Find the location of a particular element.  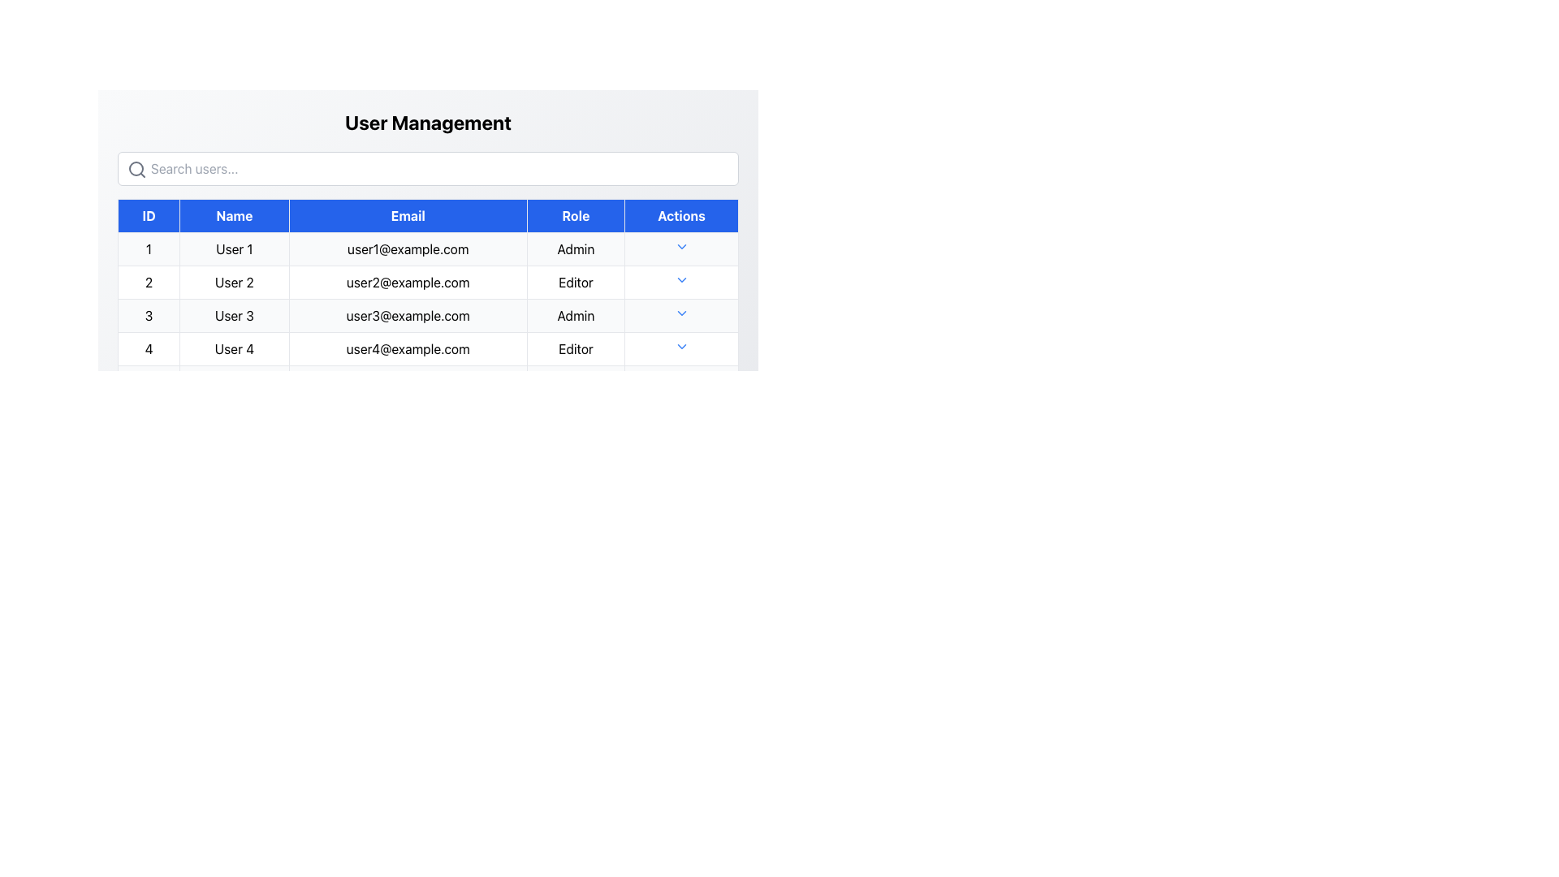

the email address in the first row of the User Management table to copy it is located at coordinates (428, 249).